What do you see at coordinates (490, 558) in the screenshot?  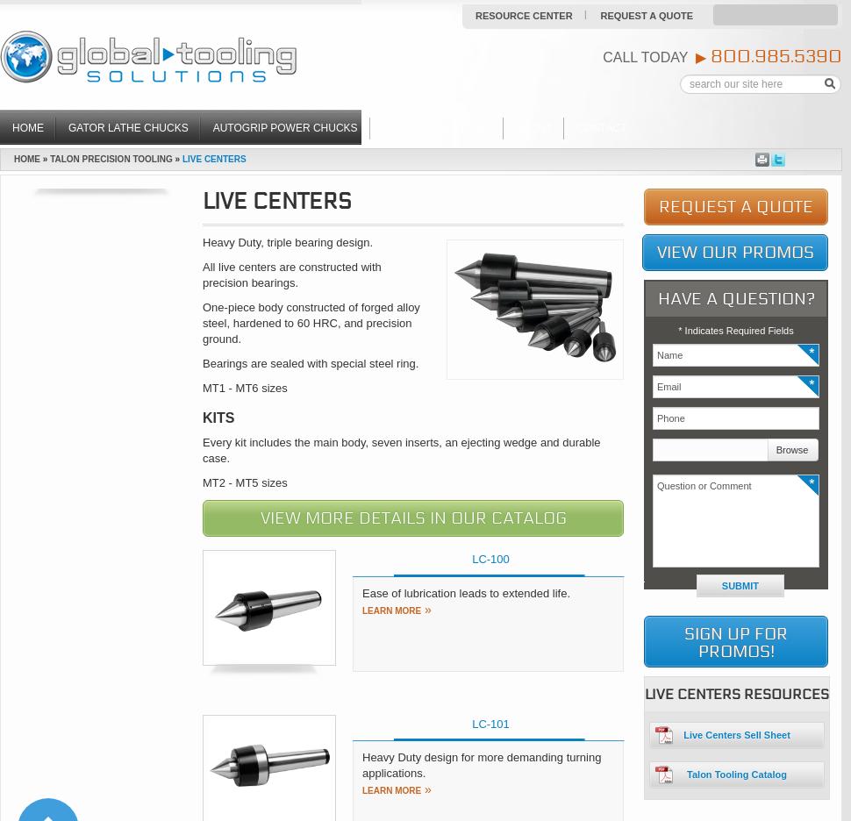 I see `'LC-100'` at bounding box center [490, 558].